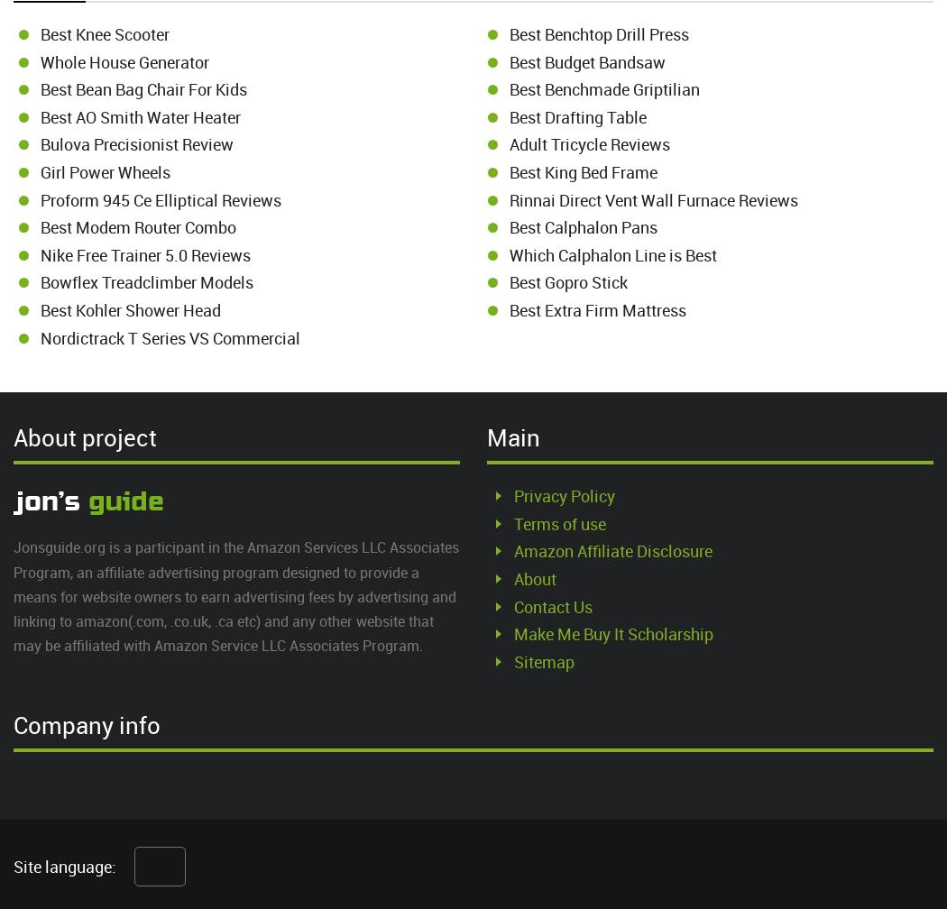 Image resolution: width=947 pixels, height=909 pixels. Describe the element at coordinates (64, 867) in the screenshot. I see `'Site language:'` at that location.